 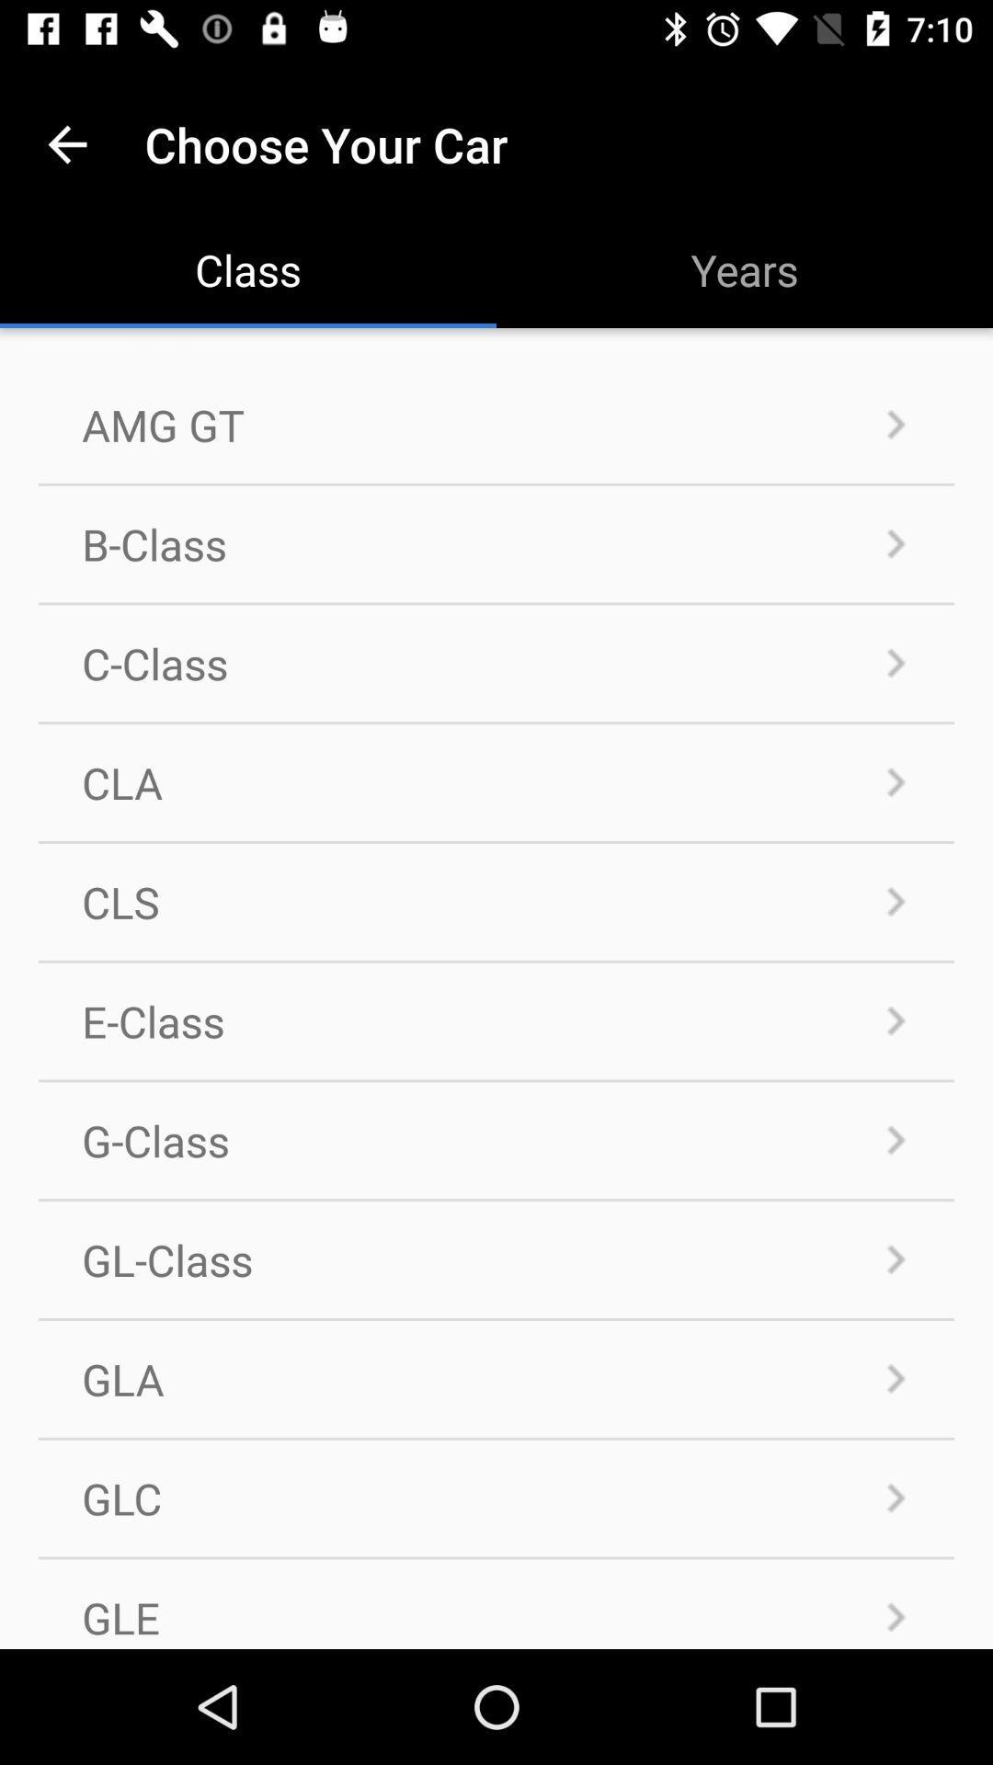 What do you see at coordinates (66, 143) in the screenshot?
I see `the item next to the choose your car` at bounding box center [66, 143].